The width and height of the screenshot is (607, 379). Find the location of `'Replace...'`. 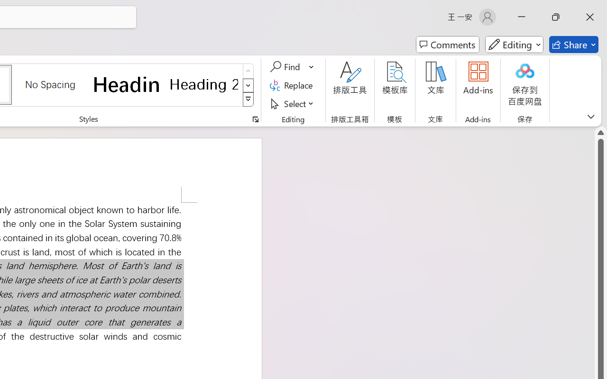

'Replace...' is located at coordinates (292, 85).